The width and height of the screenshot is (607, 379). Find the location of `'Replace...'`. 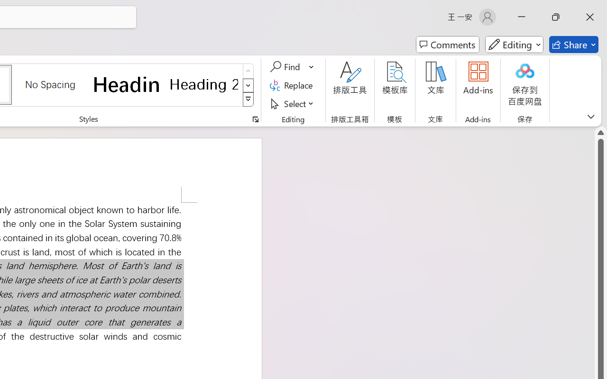

'Replace...' is located at coordinates (292, 85).